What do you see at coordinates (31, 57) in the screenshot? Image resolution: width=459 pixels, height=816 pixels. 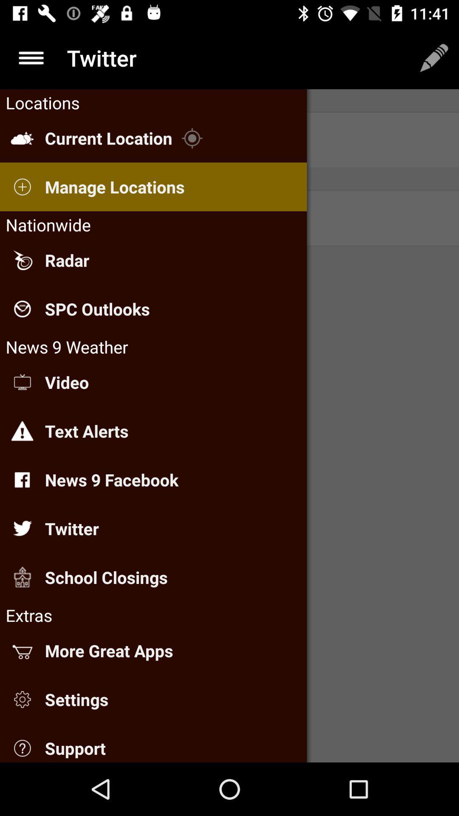 I see `the menu icon` at bounding box center [31, 57].